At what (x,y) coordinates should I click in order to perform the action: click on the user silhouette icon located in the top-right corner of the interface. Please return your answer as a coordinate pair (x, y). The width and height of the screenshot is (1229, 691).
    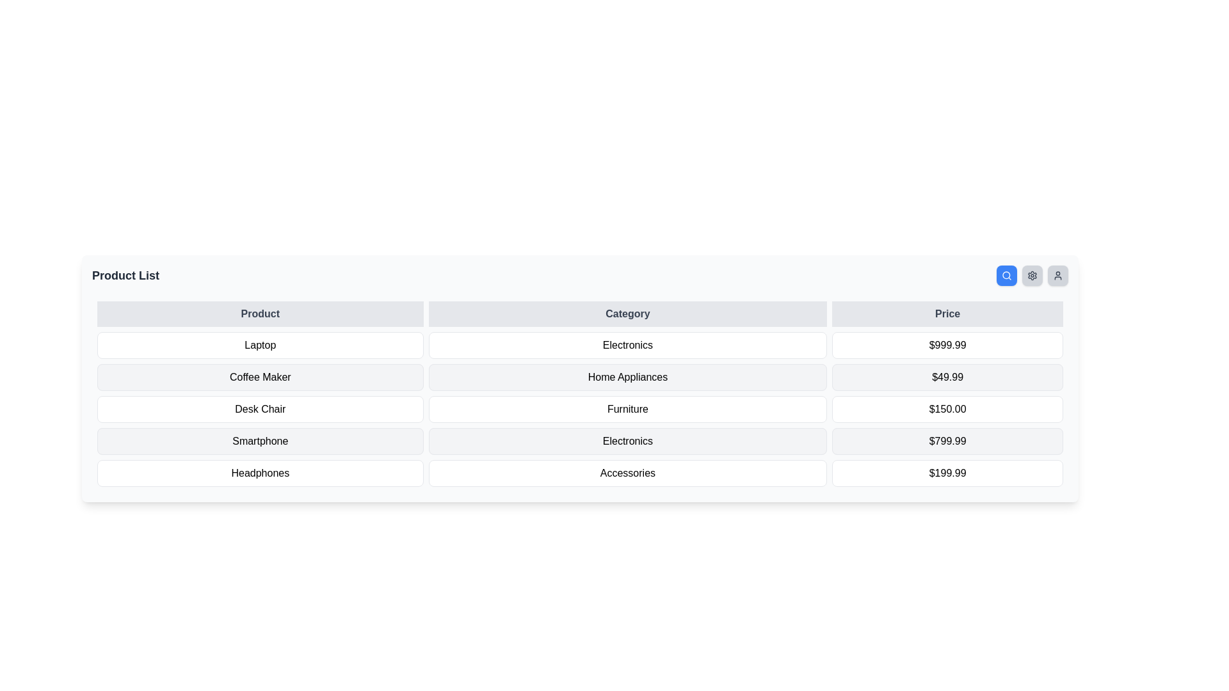
    Looking at the image, I should click on (1057, 275).